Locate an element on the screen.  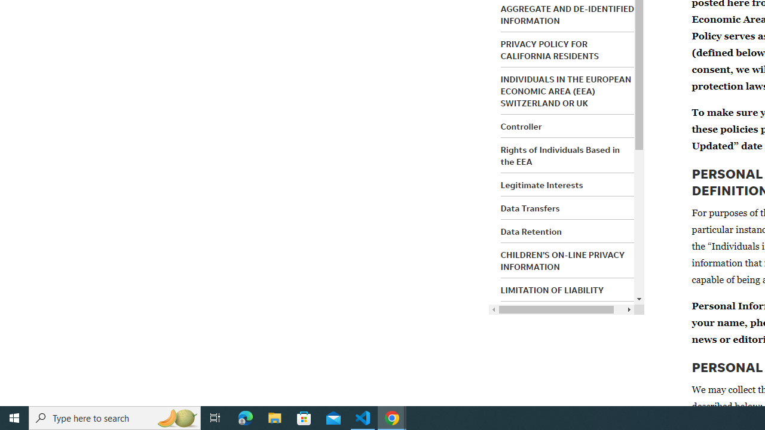
'PRIVACY POLICY FOR CALIFORNIA RESIDENTS' is located at coordinates (549, 49).